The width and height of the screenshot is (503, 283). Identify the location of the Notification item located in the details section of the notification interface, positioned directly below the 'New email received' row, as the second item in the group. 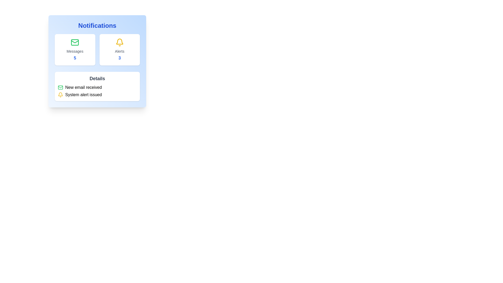
(97, 95).